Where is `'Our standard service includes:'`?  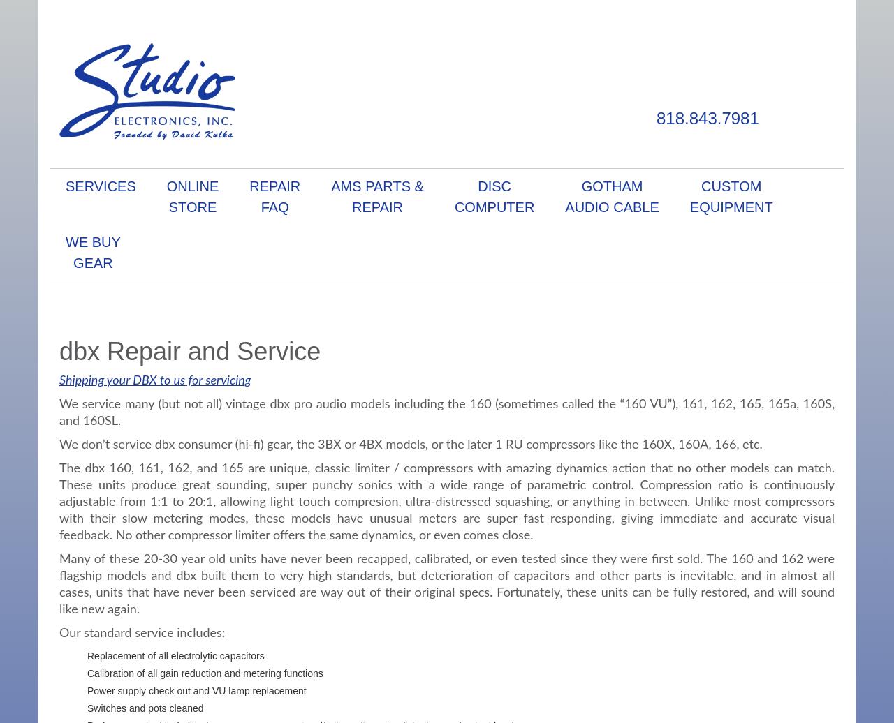 'Our standard service includes:' is located at coordinates (142, 633).